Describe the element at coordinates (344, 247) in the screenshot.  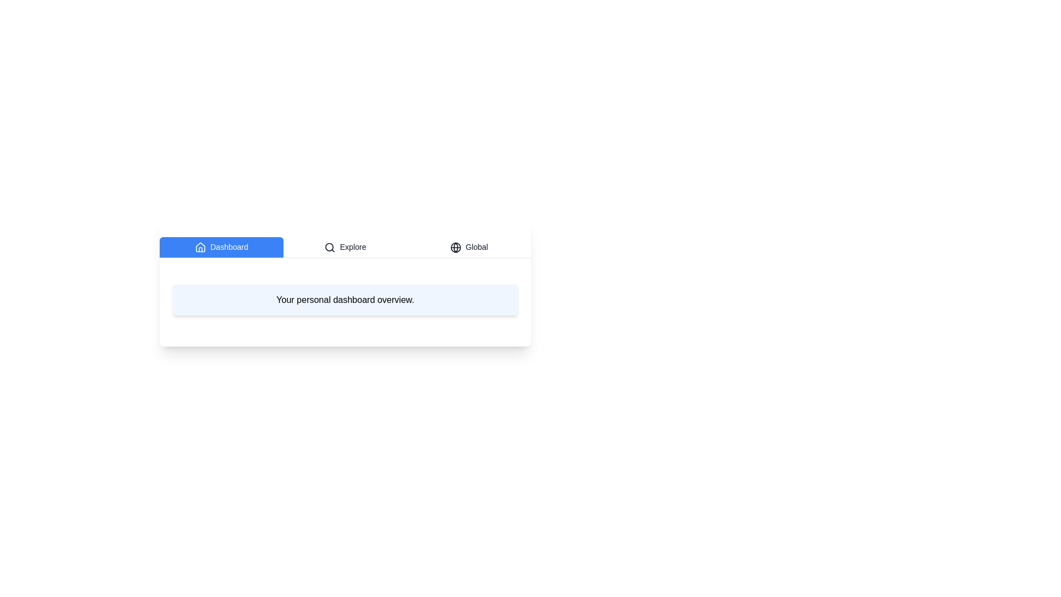
I see `the Explore tab to read its content` at that location.